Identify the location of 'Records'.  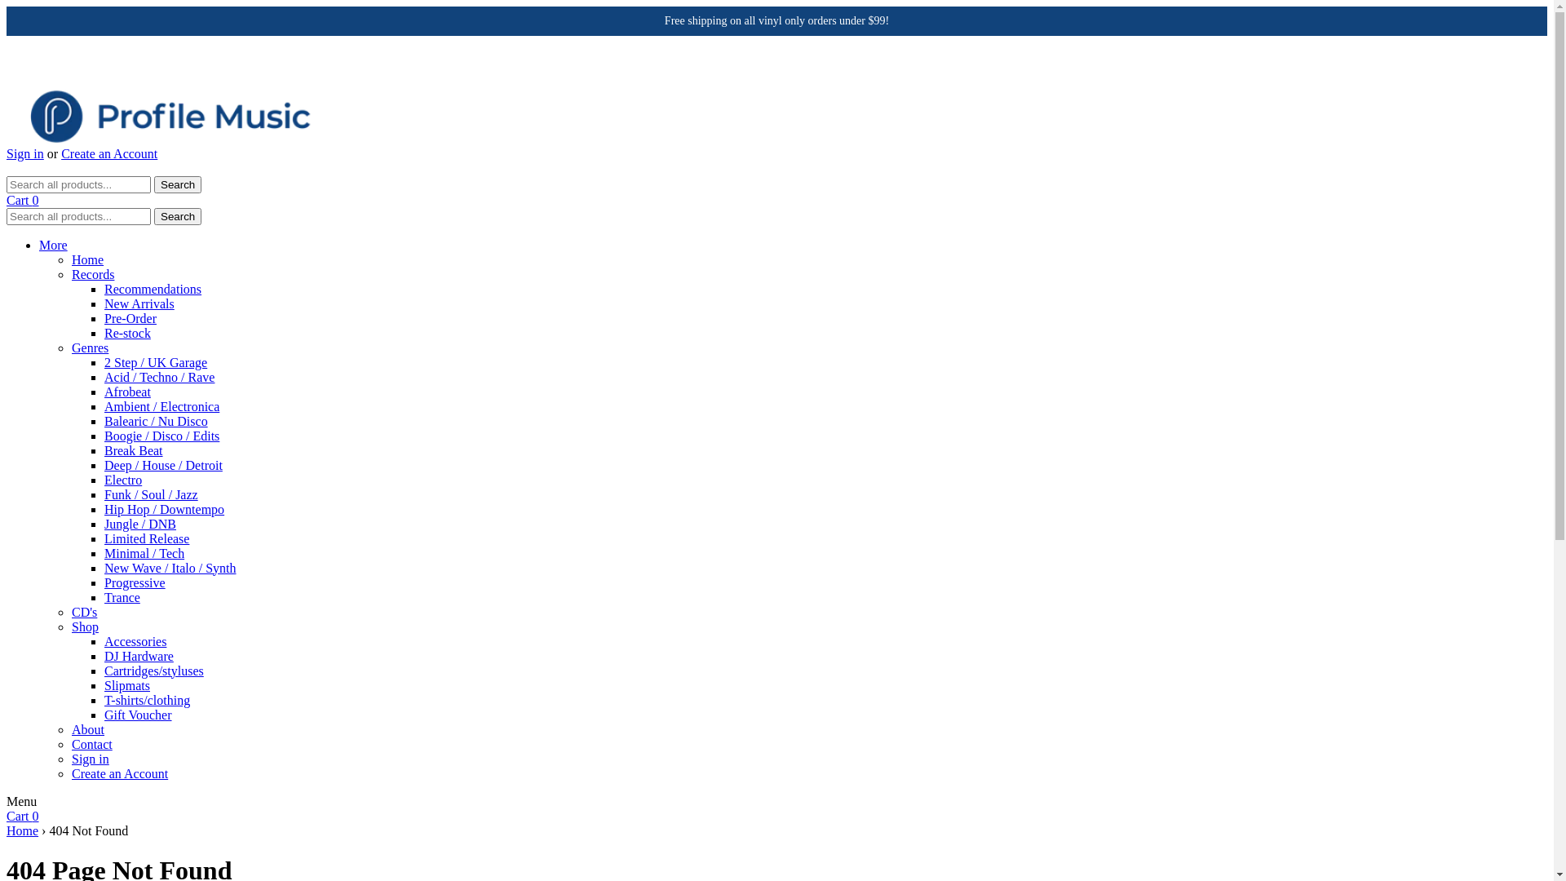
(92, 273).